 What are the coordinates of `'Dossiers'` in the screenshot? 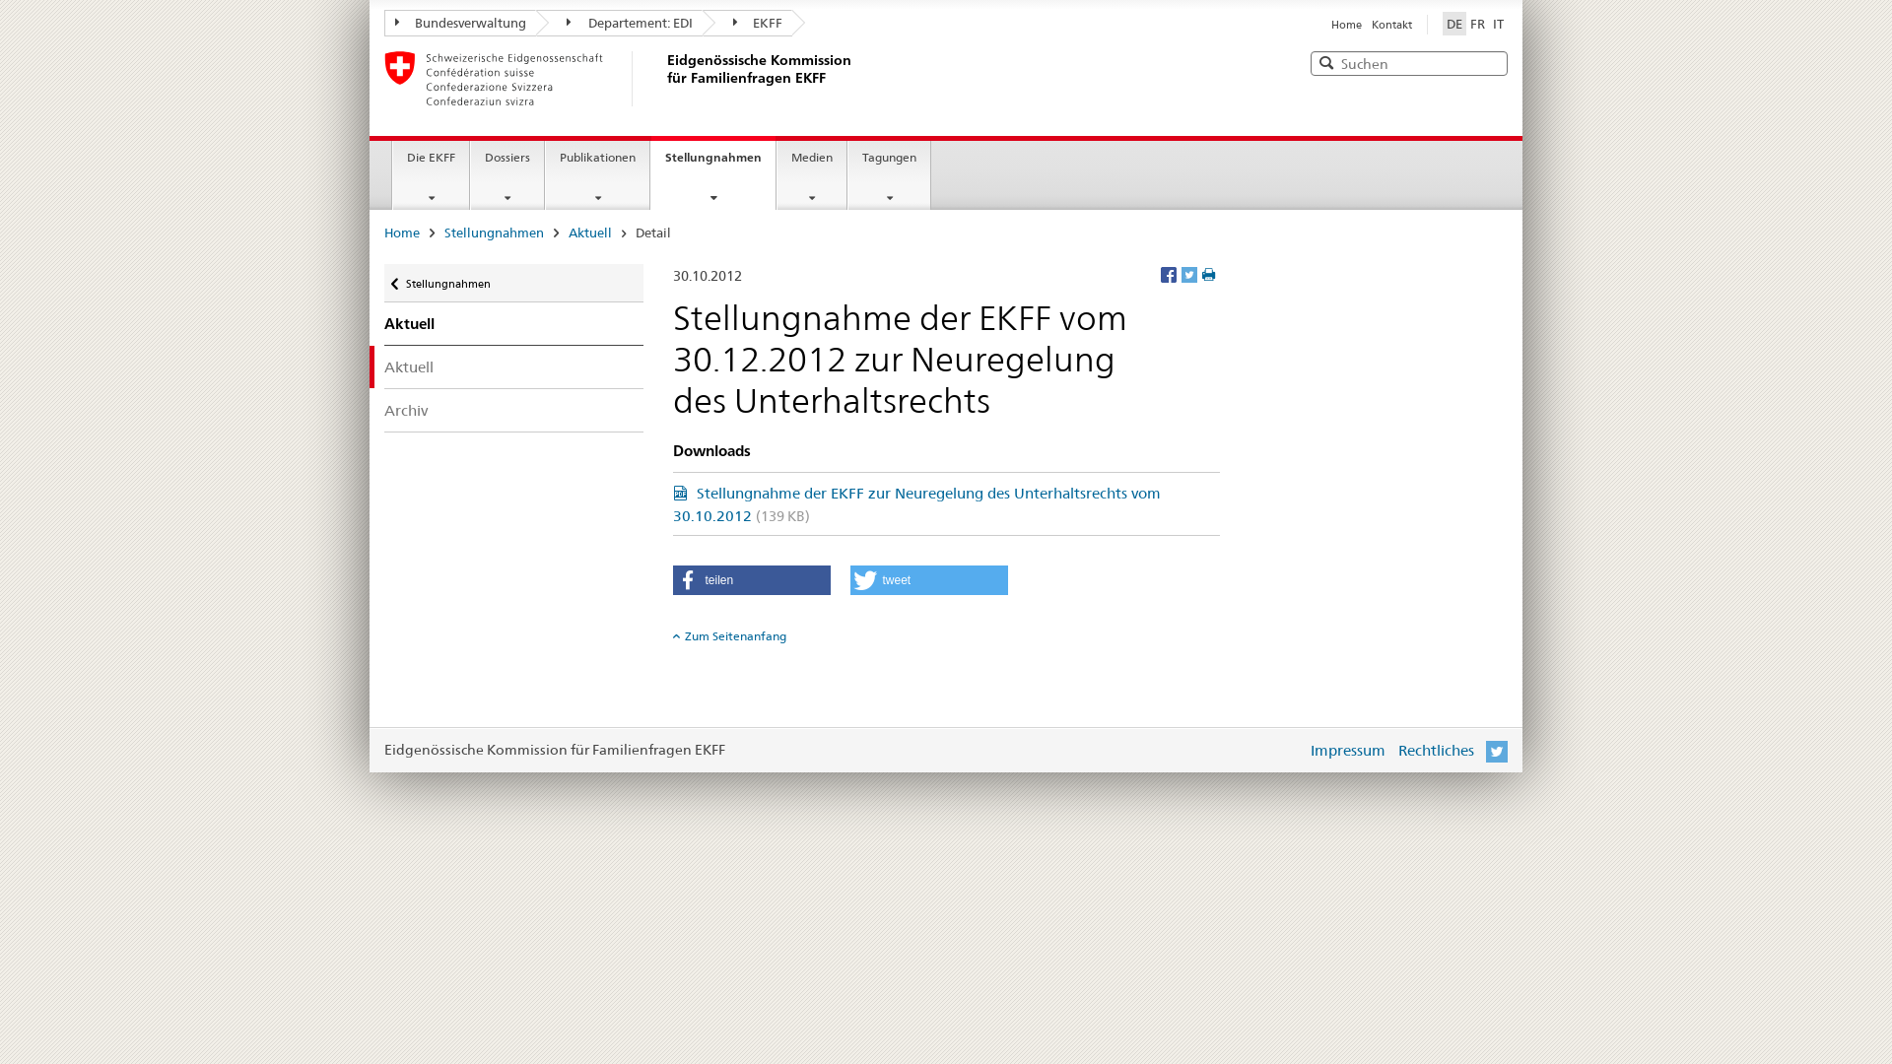 It's located at (507, 173).